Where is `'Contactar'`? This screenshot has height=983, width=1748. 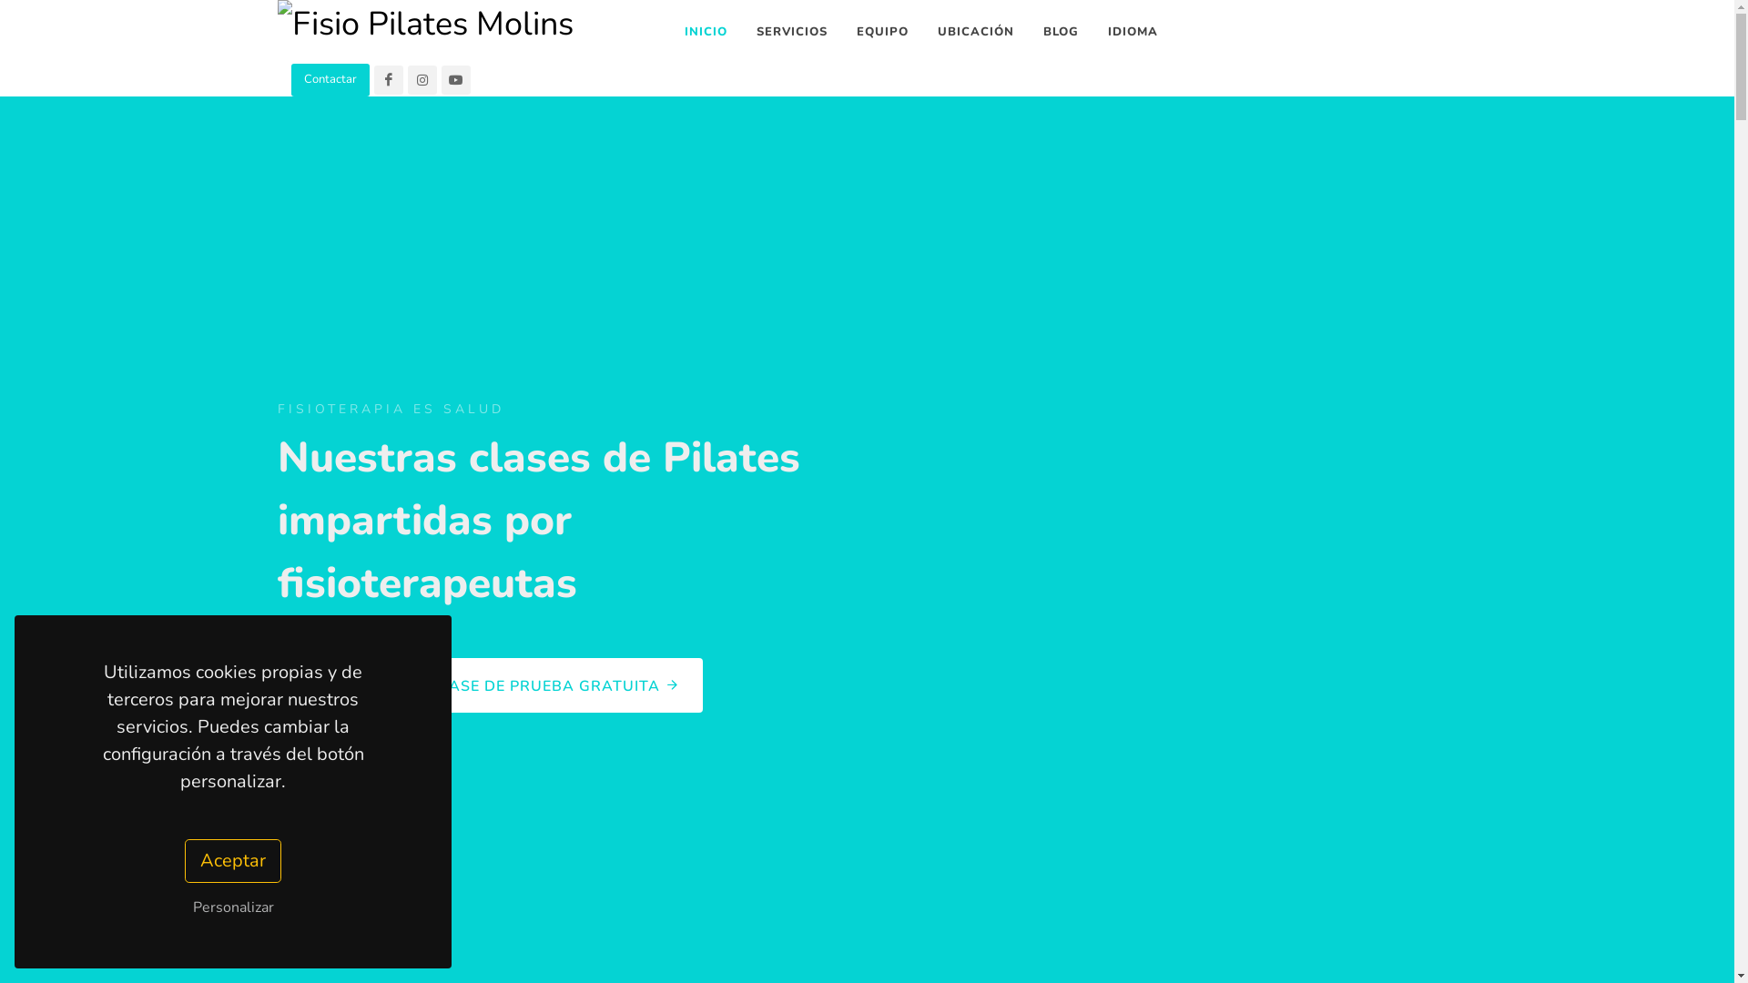
'Contactar' is located at coordinates (291, 79).